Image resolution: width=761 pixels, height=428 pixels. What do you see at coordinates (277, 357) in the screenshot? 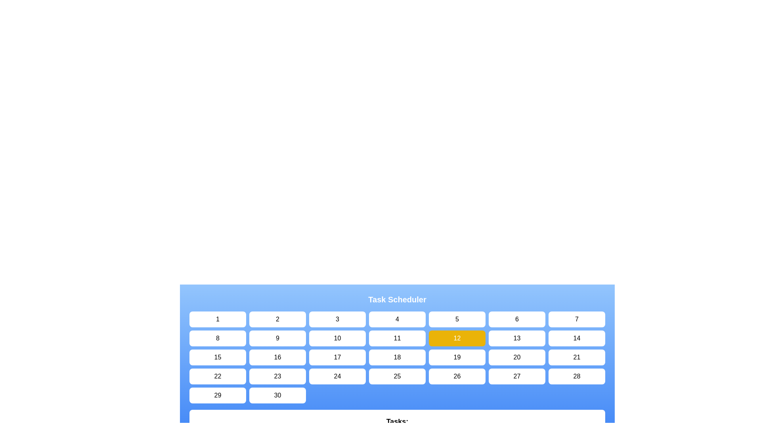
I see `the button displaying the number '16' located in the third row and second column of the grid layout` at bounding box center [277, 357].